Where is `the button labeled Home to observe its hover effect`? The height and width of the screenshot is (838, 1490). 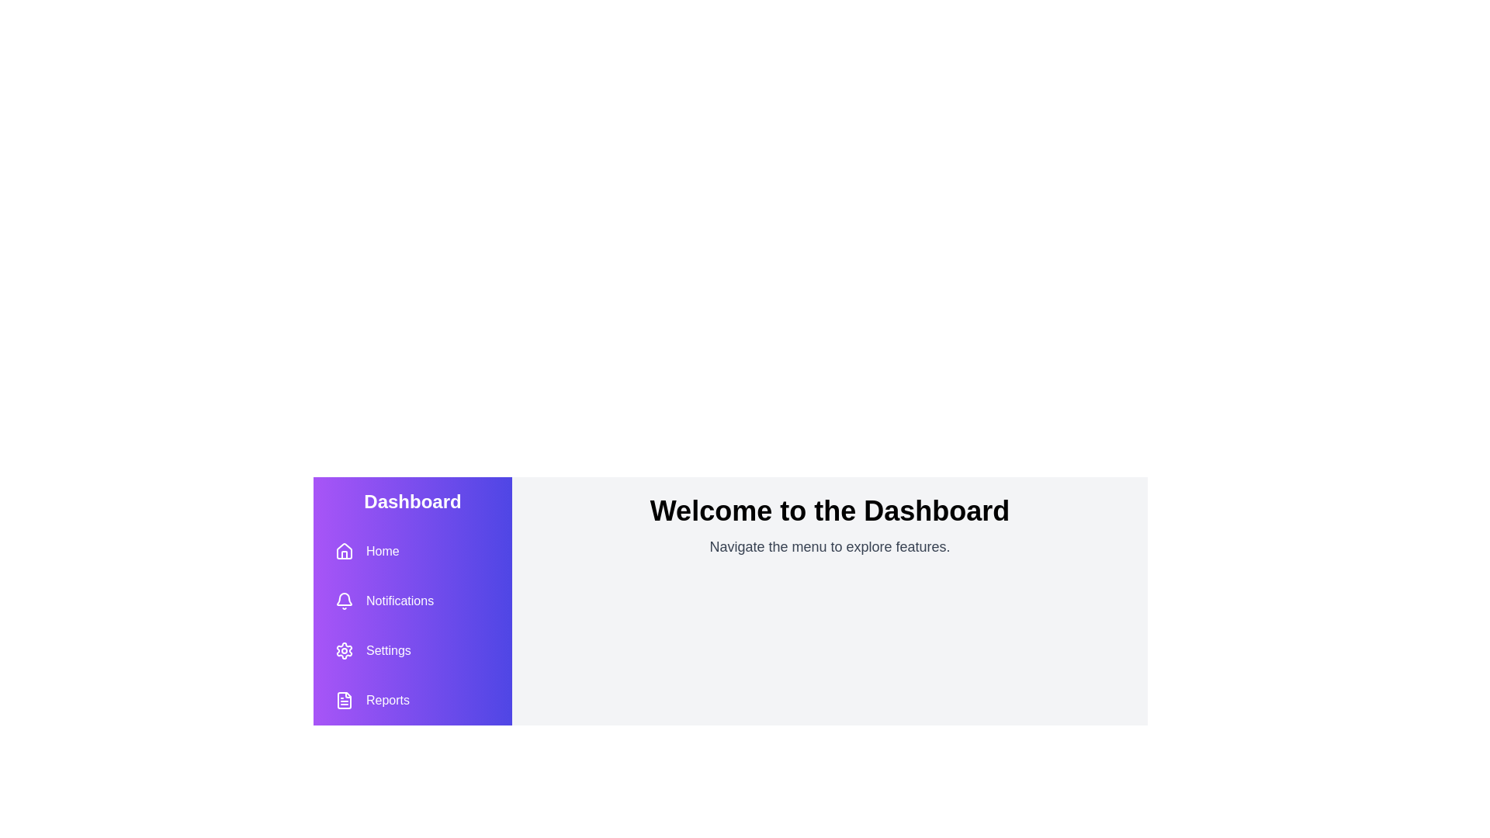
the button labeled Home to observe its hover effect is located at coordinates (366, 550).